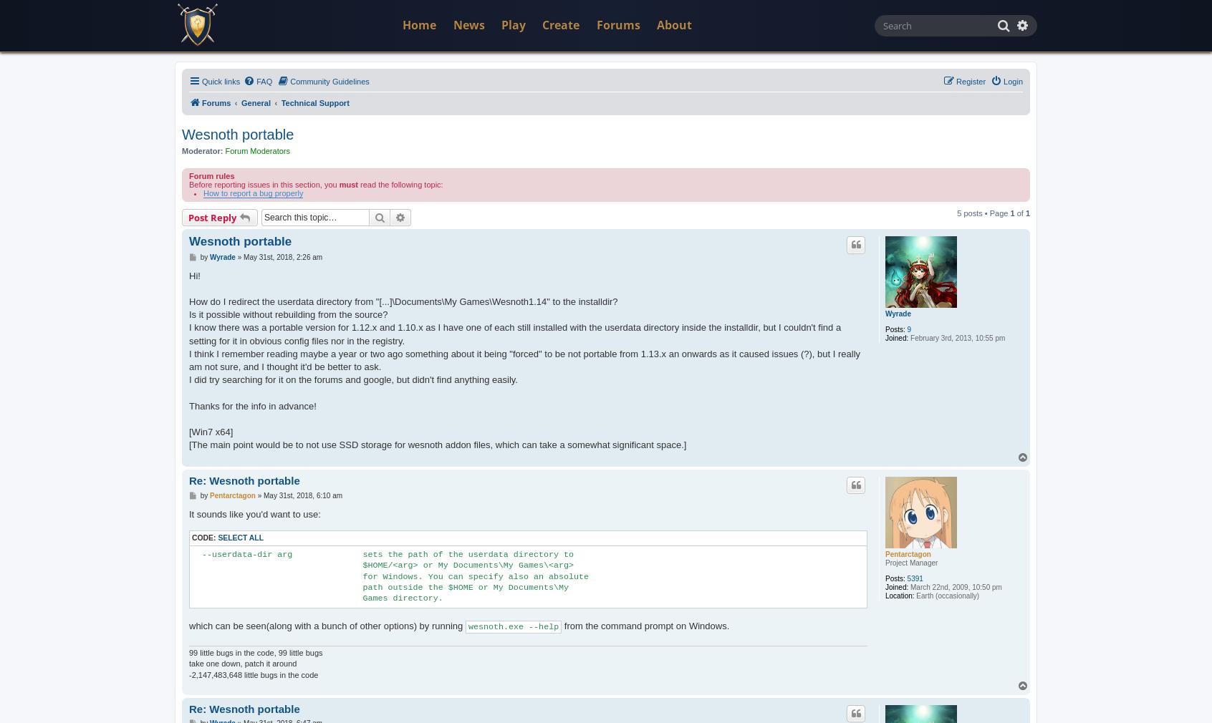 Image resolution: width=1212 pixels, height=723 pixels. I want to click on 'Earth (occasionally)', so click(946, 596).